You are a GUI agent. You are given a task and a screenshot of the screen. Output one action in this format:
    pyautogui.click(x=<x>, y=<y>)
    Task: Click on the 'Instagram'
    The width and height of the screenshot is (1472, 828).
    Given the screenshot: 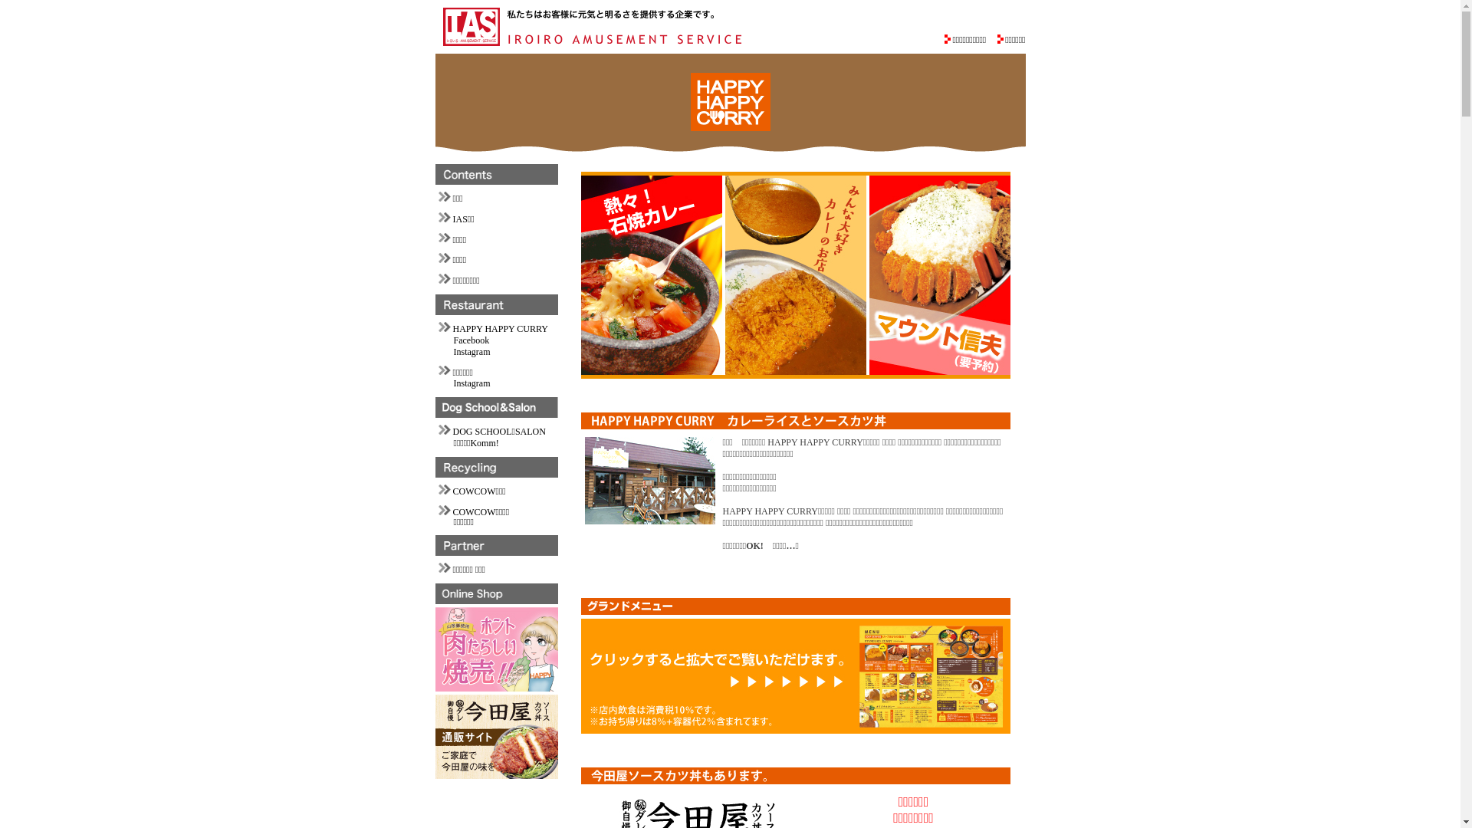 What is the action you would take?
    pyautogui.click(x=452, y=352)
    